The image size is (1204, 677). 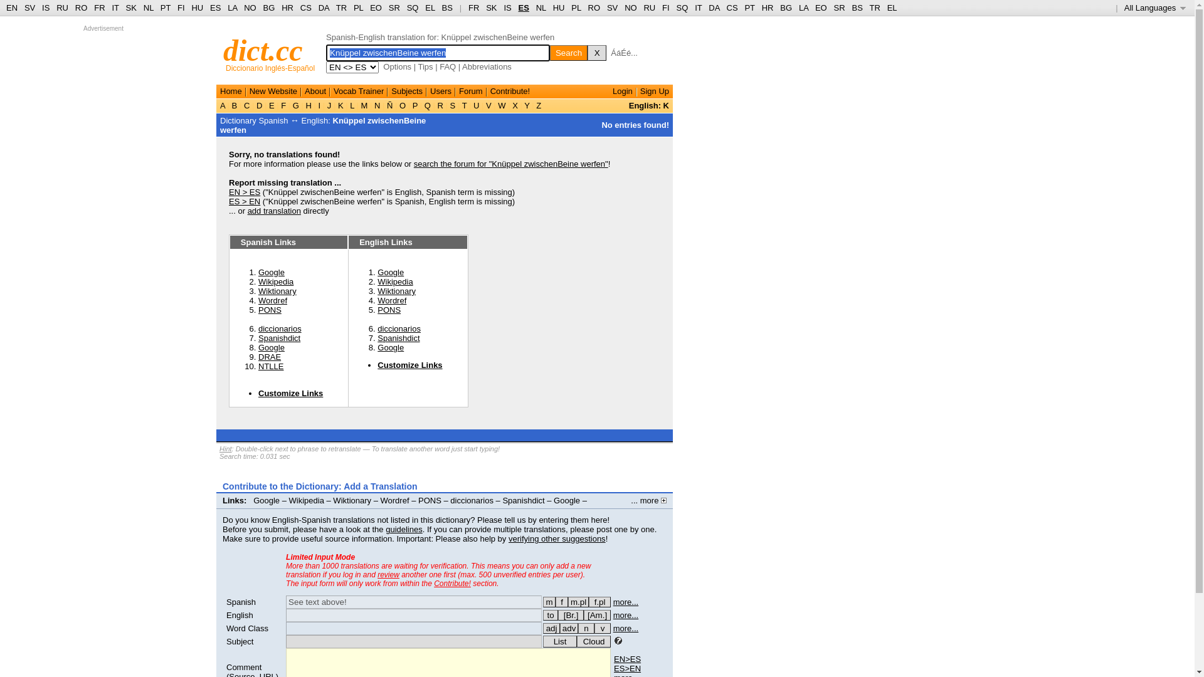 What do you see at coordinates (246, 105) in the screenshot?
I see `'C'` at bounding box center [246, 105].